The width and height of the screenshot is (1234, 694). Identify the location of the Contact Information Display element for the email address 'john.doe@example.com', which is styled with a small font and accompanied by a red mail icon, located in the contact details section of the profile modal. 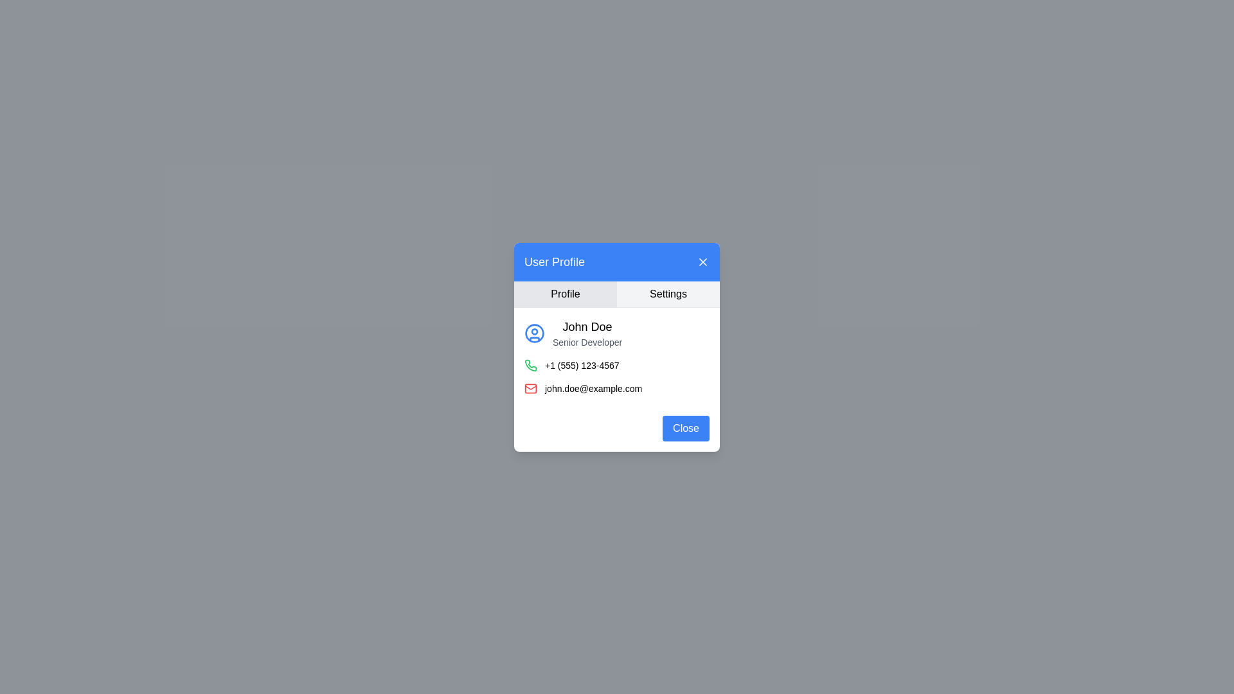
(617, 387).